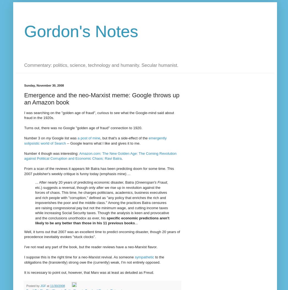  What do you see at coordinates (101, 65) in the screenshot?
I see `'Commentary: politics, science, technology and humanity. Secular humanist.'` at bounding box center [101, 65].